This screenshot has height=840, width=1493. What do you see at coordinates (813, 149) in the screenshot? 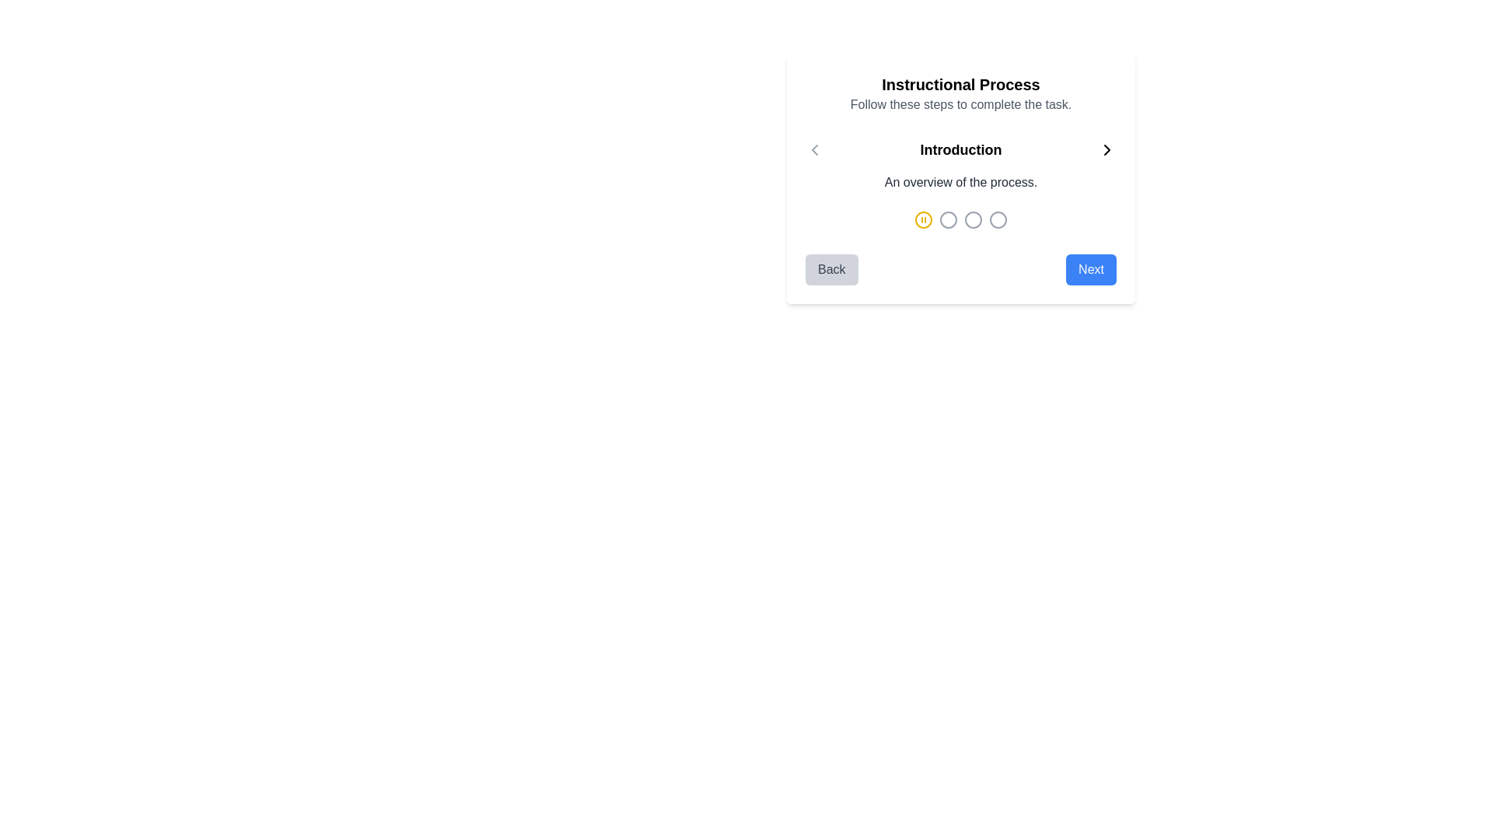
I see `the left-pointing chevron icon, which is styled in gray and indicates a backward action` at bounding box center [813, 149].